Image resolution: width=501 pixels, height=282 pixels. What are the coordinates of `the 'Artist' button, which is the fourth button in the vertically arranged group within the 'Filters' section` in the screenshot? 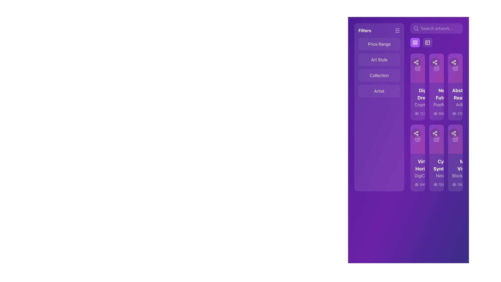 It's located at (379, 91).